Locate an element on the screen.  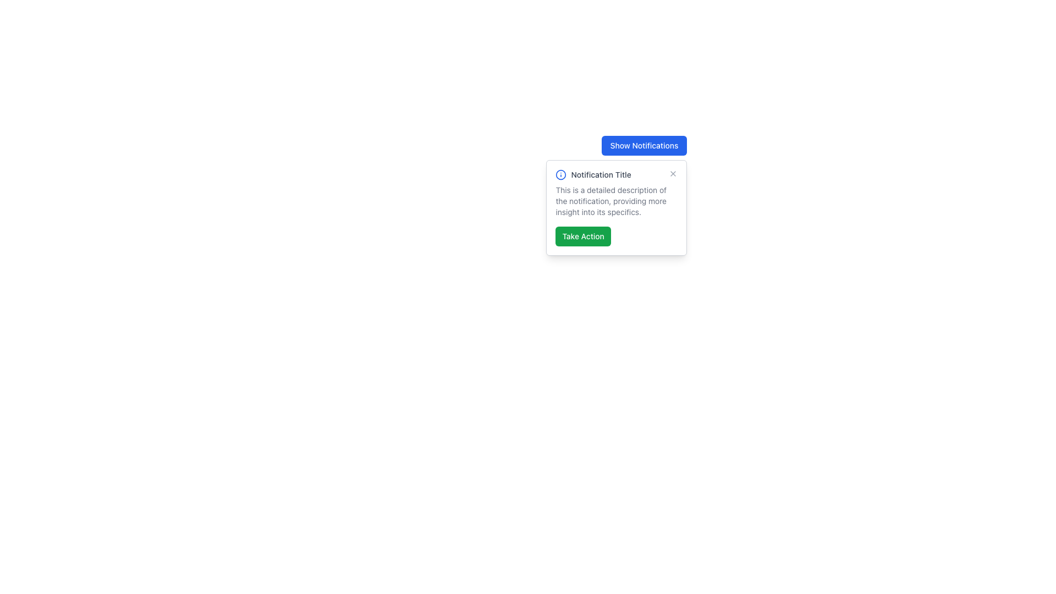
the text label displaying 'Notification Title' located in the top-left section of the notification panel, adjacent to the informational icon is located at coordinates (593, 174).